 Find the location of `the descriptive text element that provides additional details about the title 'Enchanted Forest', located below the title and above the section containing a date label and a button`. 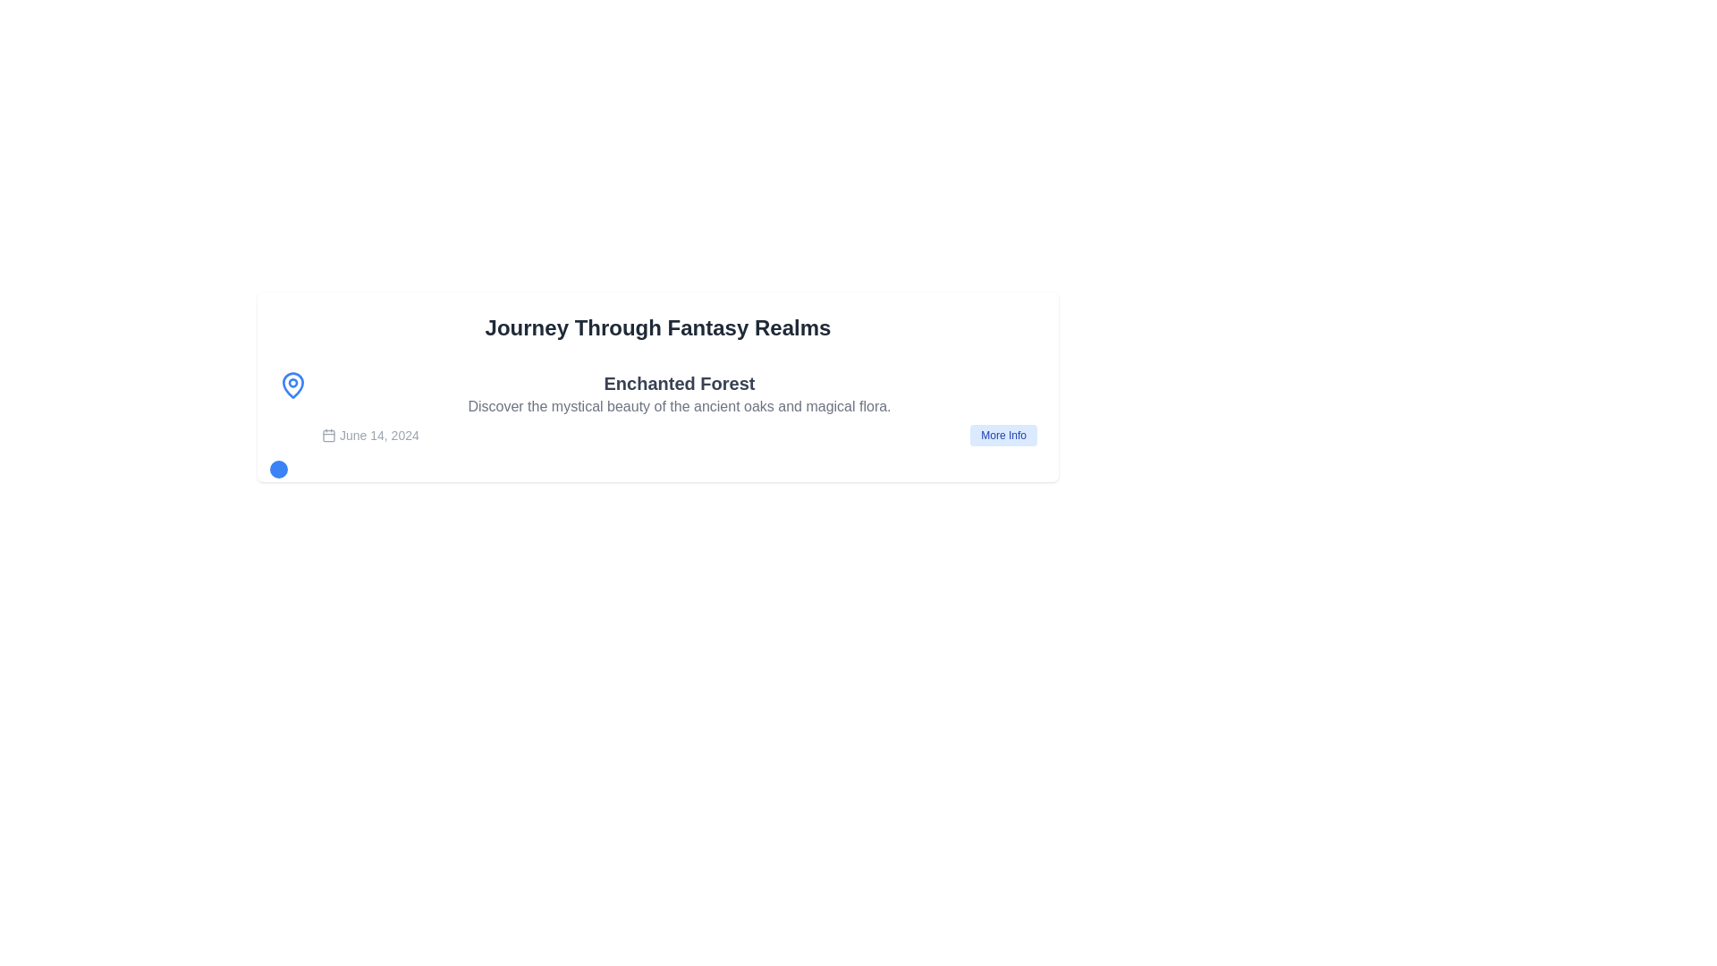

the descriptive text element that provides additional details about the title 'Enchanted Forest', located below the title and above the section containing a date label and a button is located at coordinates (678, 407).